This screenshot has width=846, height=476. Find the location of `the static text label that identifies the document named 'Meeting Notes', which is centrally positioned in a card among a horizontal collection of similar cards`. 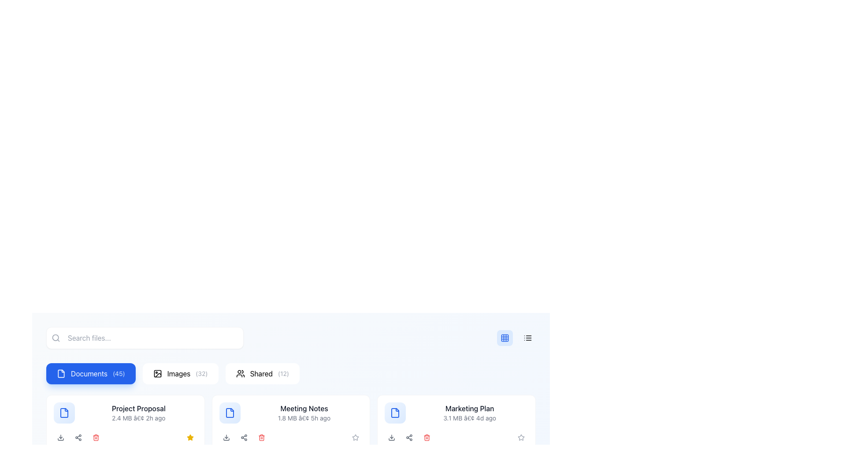

the static text label that identifies the document named 'Meeting Notes', which is centrally positioned in a card among a horizontal collection of similar cards is located at coordinates (304, 408).